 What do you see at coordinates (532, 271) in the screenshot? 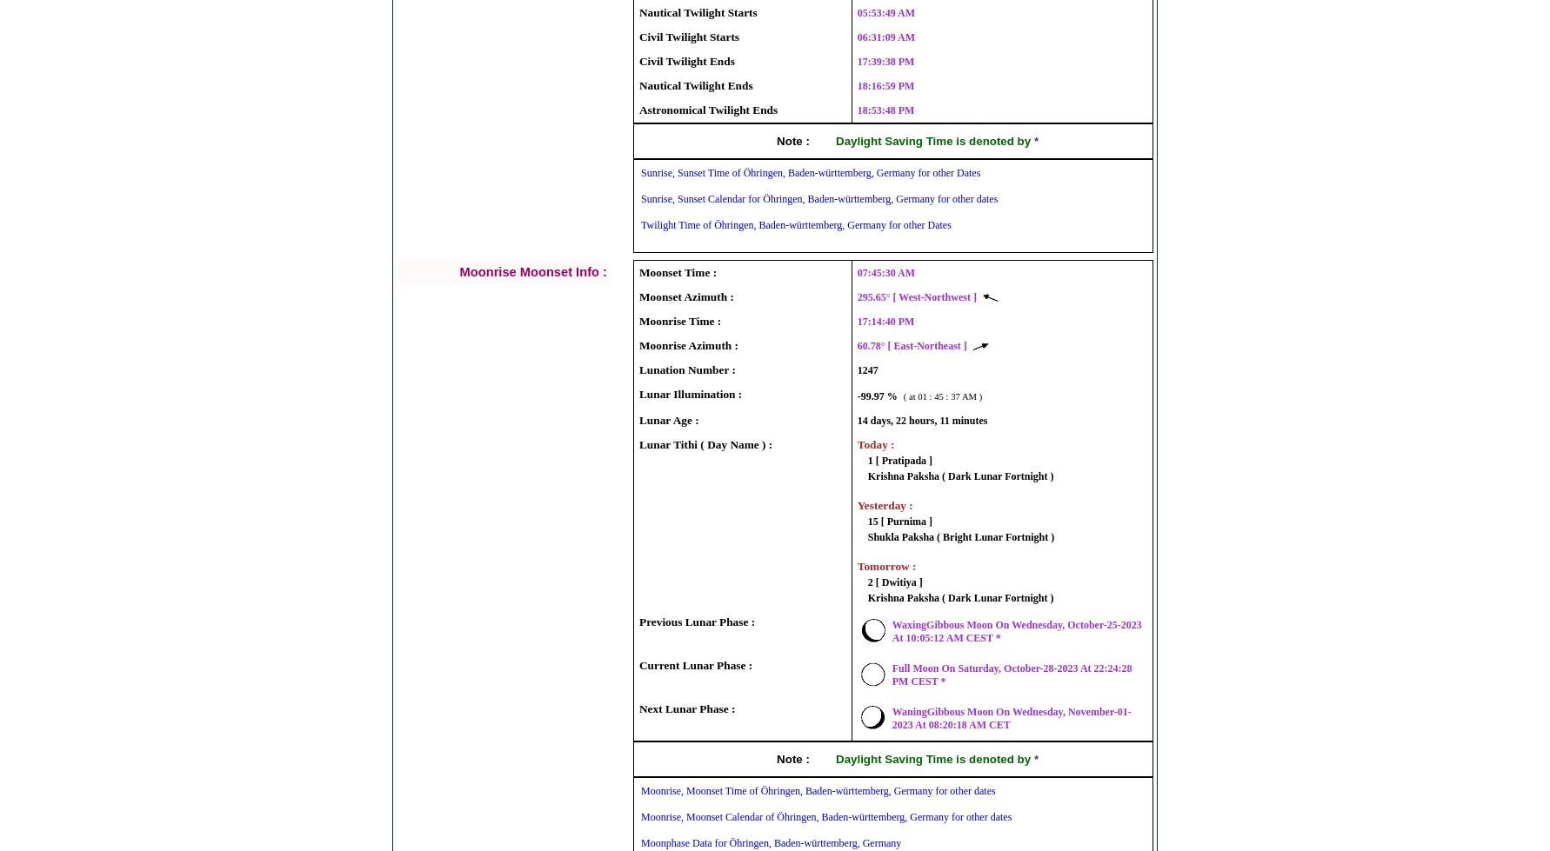
I see `'Moonrise Moonset Info :'` at bounding box center [532, 271].